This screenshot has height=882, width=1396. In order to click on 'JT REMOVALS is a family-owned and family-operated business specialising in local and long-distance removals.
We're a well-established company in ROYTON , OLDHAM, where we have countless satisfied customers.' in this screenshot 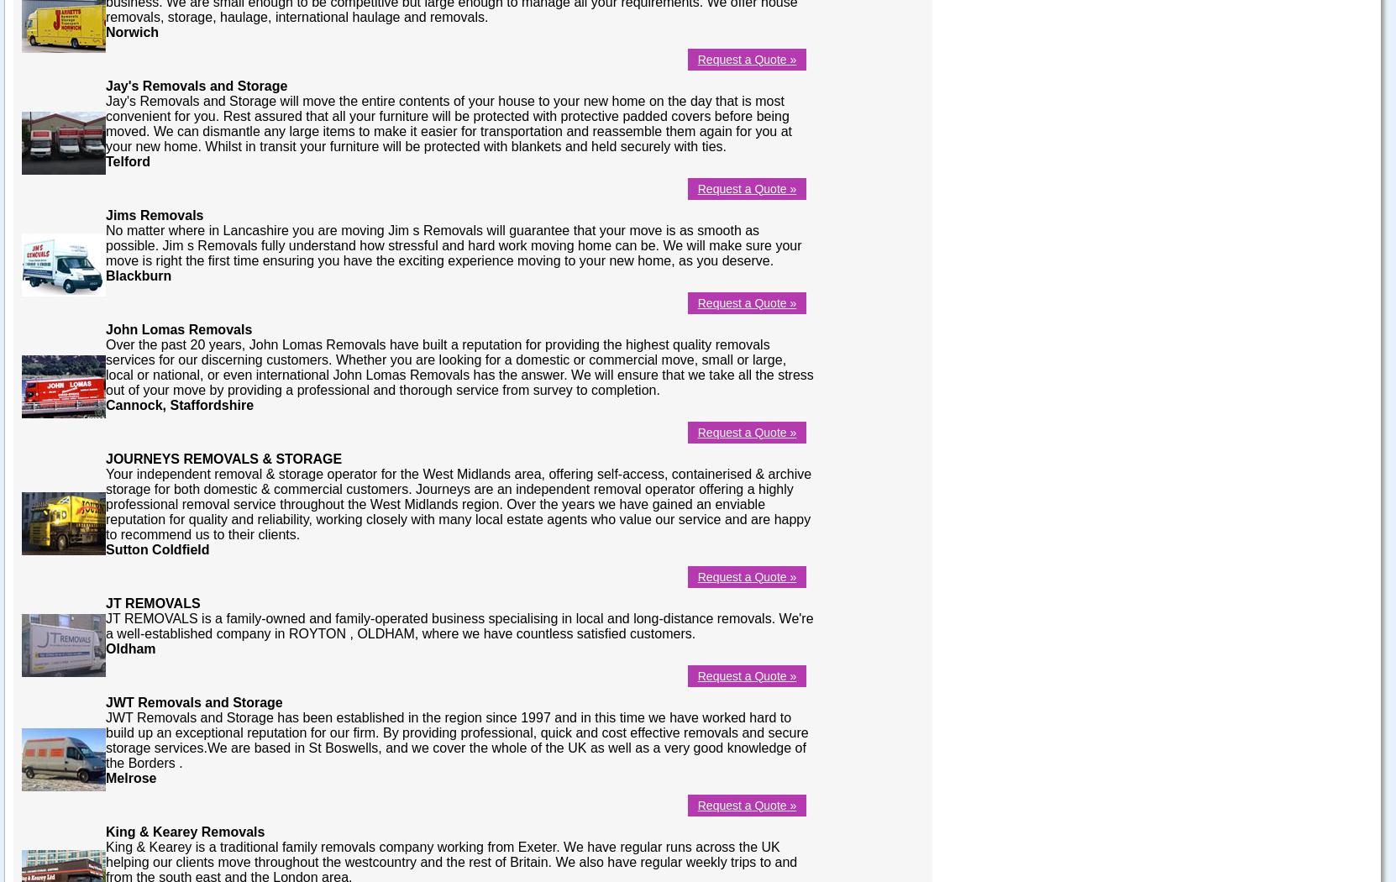, I will do `click(458, 624)`.